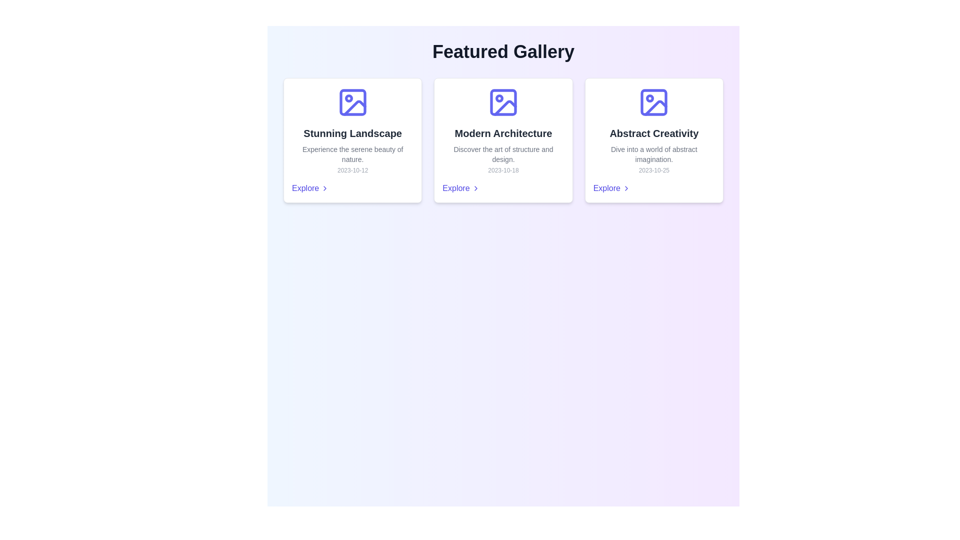 The image size is (960, 540). What do you see at coordinates (654, 132) in the screenshot?
I see `the static text label displaying the title of the third card in the horizontal gallery, which is positioned below the icon and above the descriptive text` at bounding box center [654, 132].